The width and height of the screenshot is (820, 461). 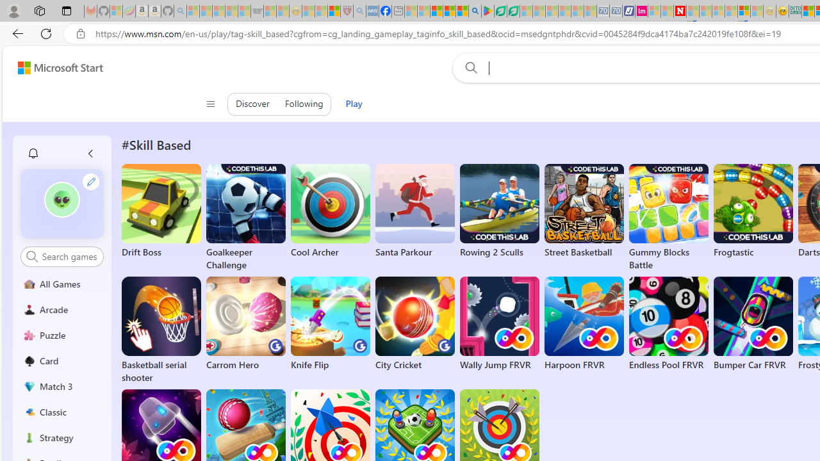 What do you see at coordinates (331, 323) in the screenshot?
I see `'Knife Flip'` at bounding box center [331, 323].